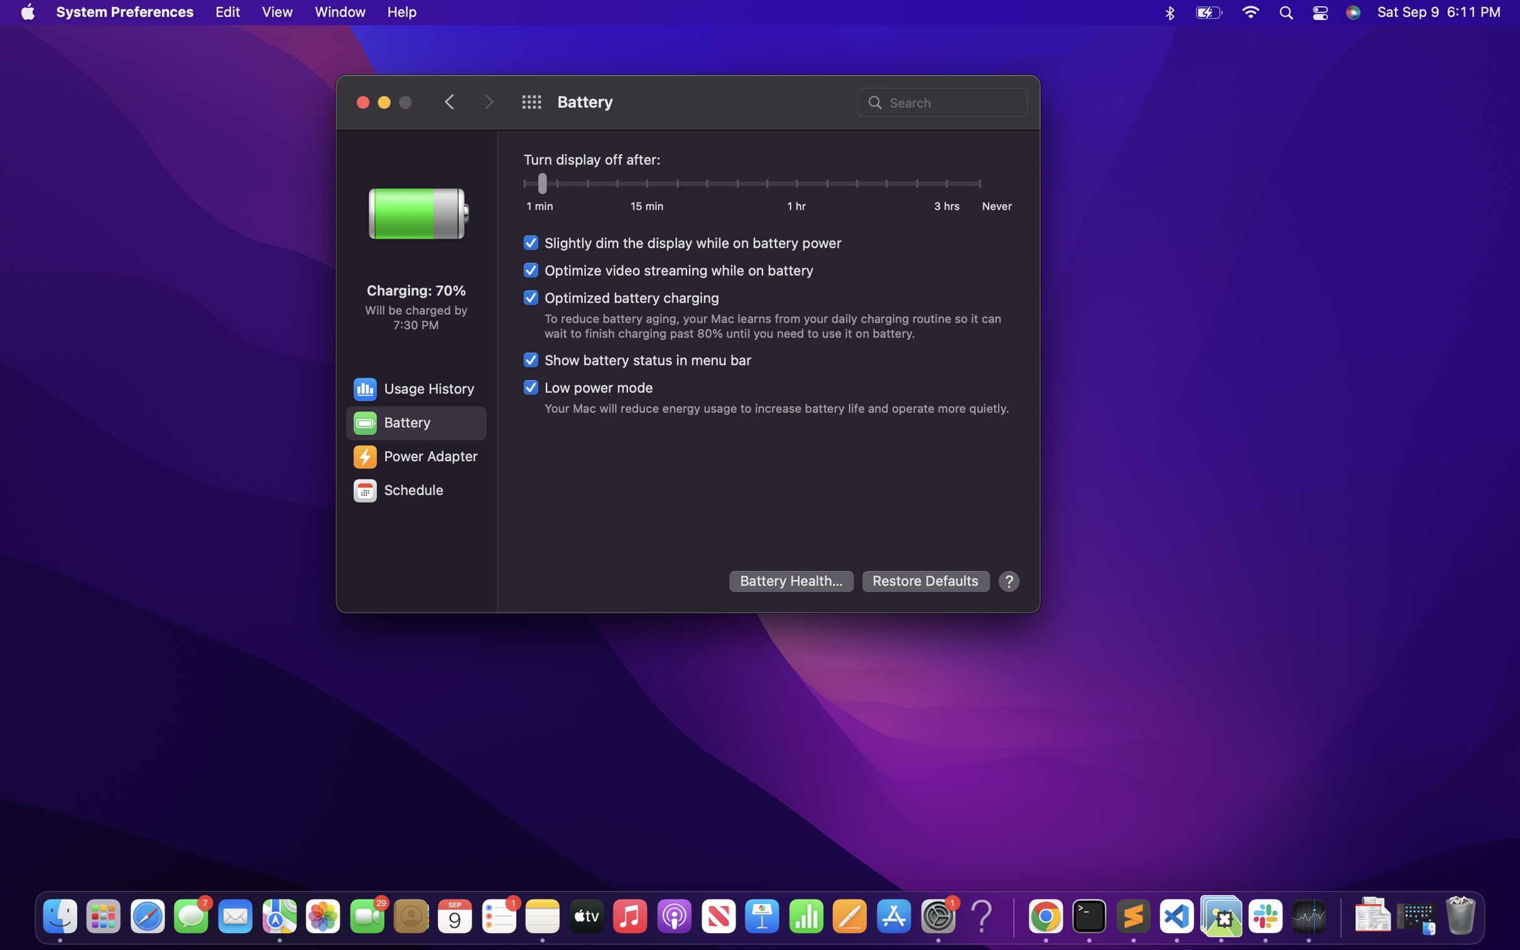 This screenshot has width=1520, height=950. Describe the element at coordinates (980, 180) in the screenshot. I see `the "never turn off display" setting` at that location.